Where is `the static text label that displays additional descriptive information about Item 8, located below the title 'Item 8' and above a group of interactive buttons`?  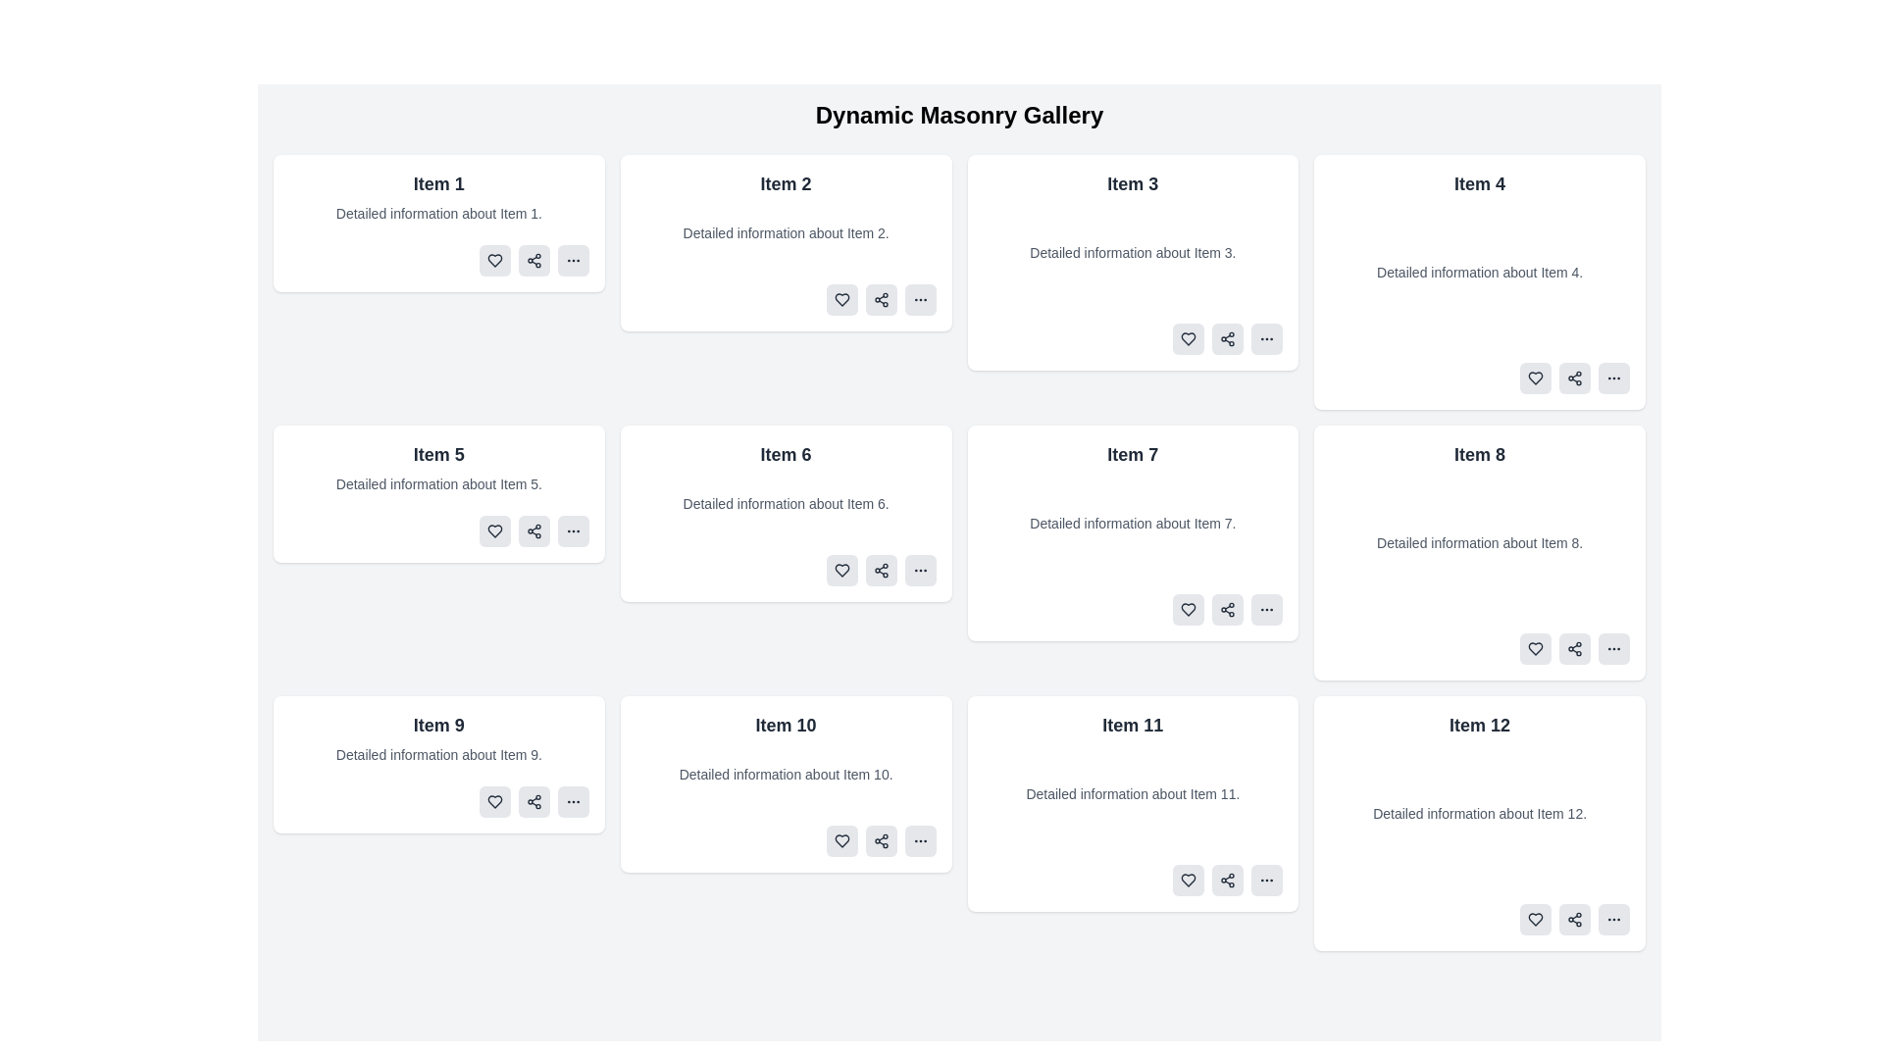
the static text label that displays additional descriptive information about Item 8, located below the title 'Item 8' and above a group of interactive buttons is located at coordinates (1480, 543).